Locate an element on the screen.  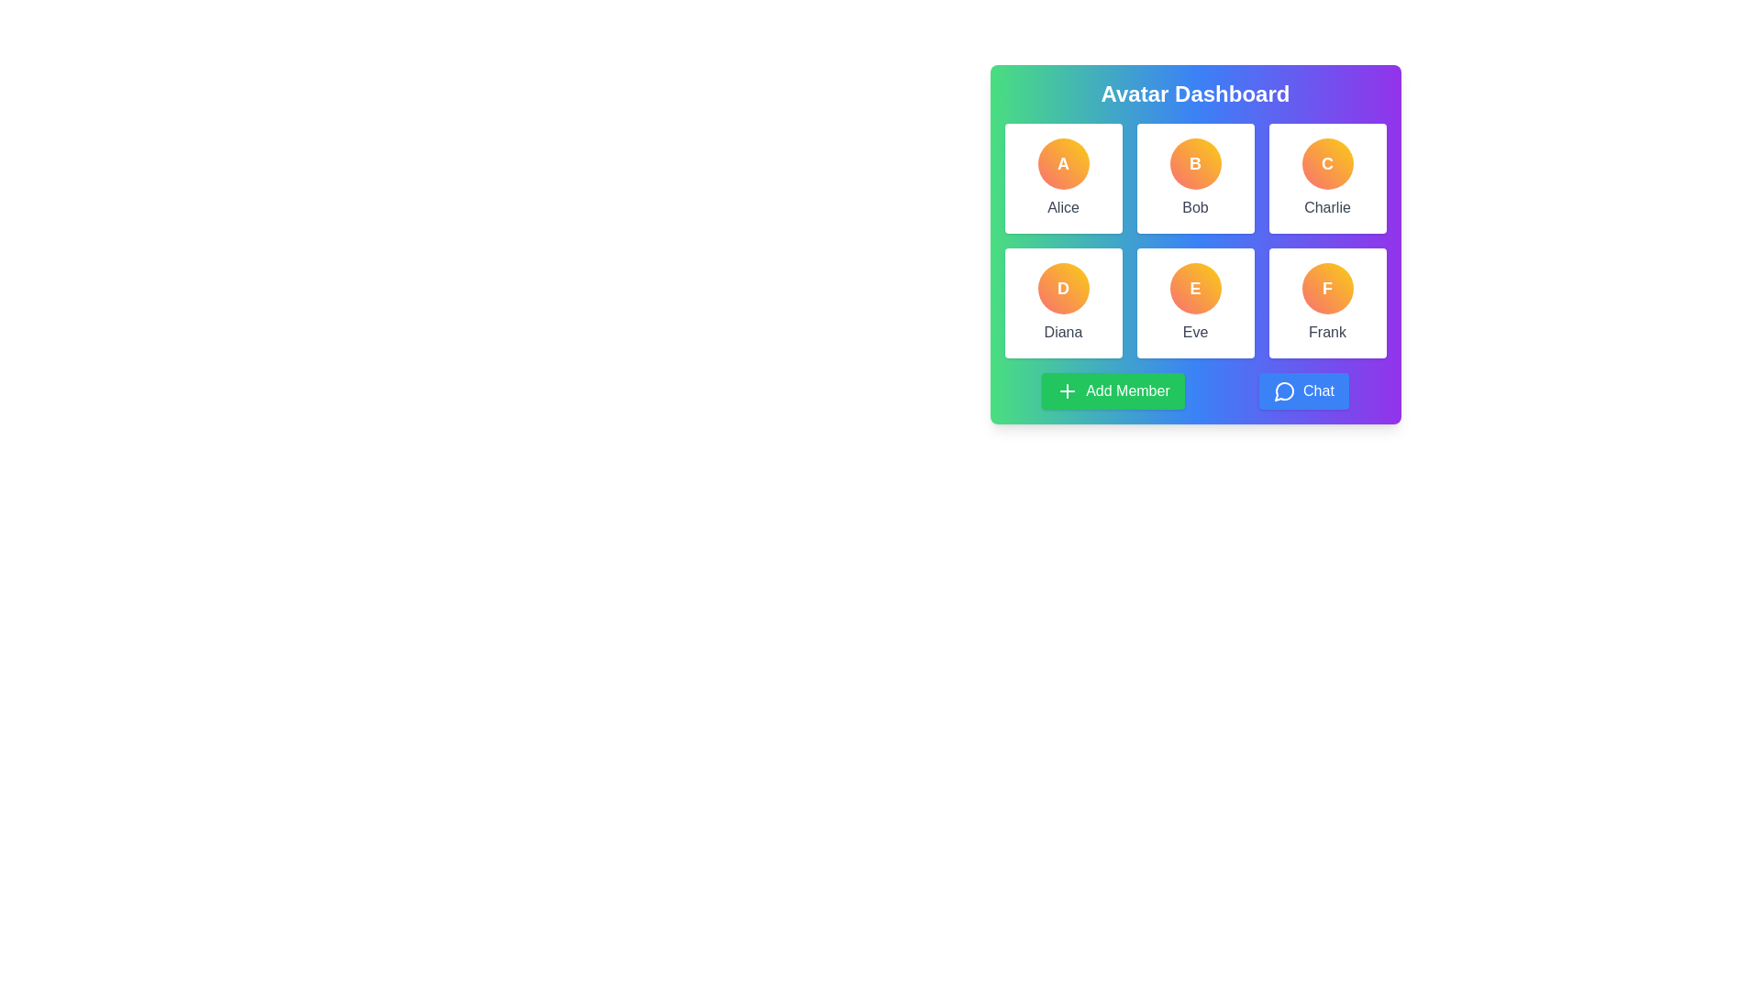
the Avatar Icon representing user 'Alice' located in the top-left corner of the grid of avatars is located at coordinates (1063, 162).